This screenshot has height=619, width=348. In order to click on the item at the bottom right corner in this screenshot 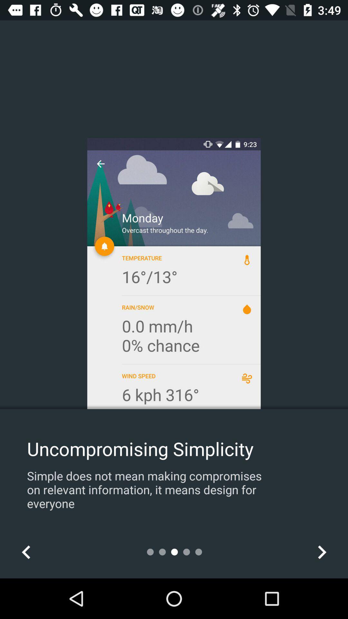, I will do `click(322, 552)`.